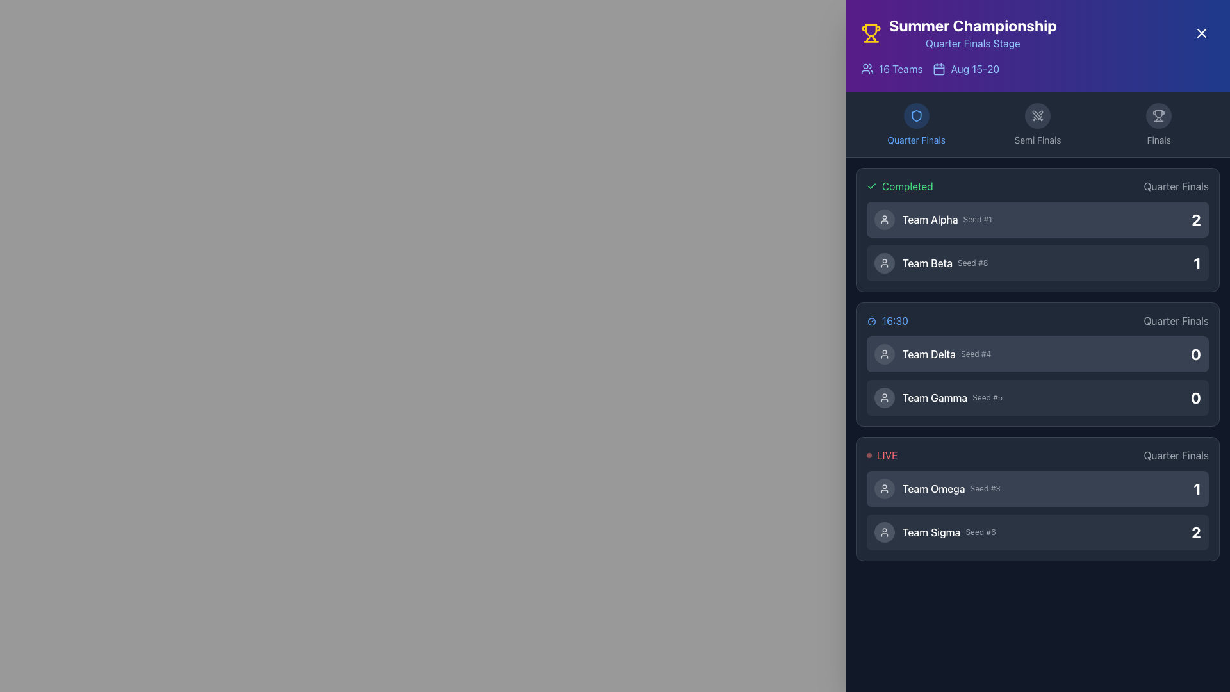  Describe the element at coordinates (1159, 125) in the screenshot. I see `the 'Finals' option in the group of options labeled 'Quarter Finals', 'Semi Finals', and 'Finals', which is represented by a trophy icon and smaller gray text, located at the rightmost position of the interface` at that location.